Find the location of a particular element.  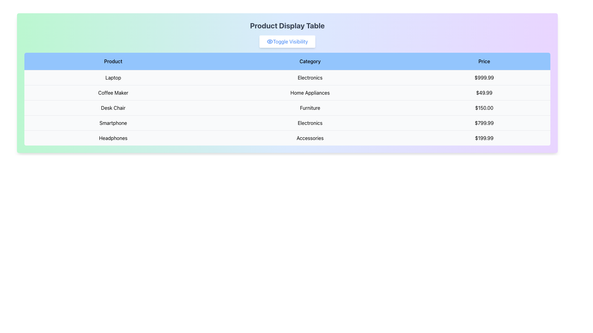

the second row of the table that provides information about the product 'Coffee Maker' including its category 'Home Appliances' and price '$49.99' is located at coordinates (287, 92).